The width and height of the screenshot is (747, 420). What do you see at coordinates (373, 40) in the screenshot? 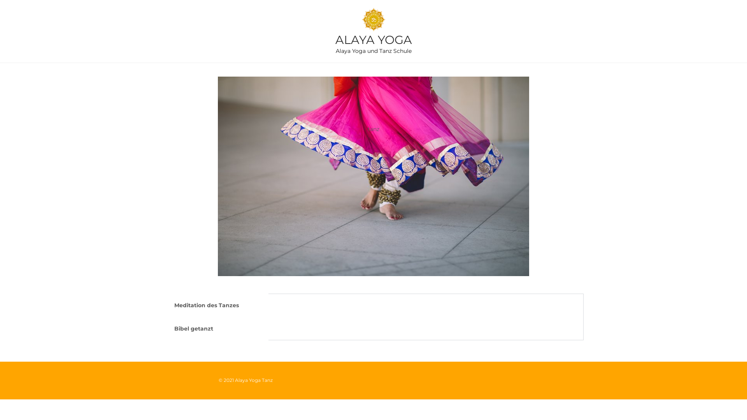
I see `'ALAYA YOGA'` at bounding box center [373, 40].